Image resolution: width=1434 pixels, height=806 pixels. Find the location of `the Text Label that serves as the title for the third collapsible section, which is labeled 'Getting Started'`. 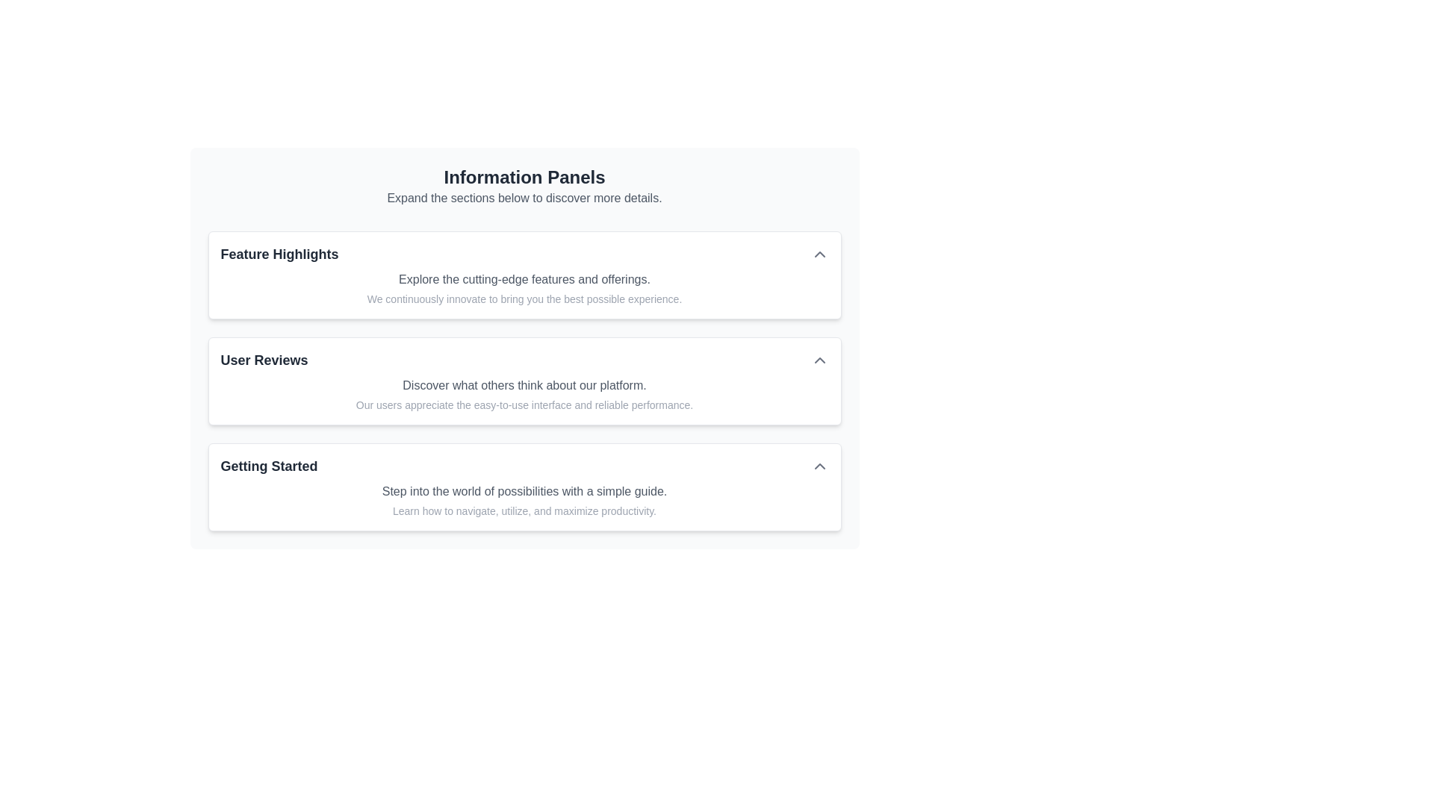

the Text Label that serves as the title for the third collapsible section, which is labeled 'Getting Started' is located at coordinates (269, 465).